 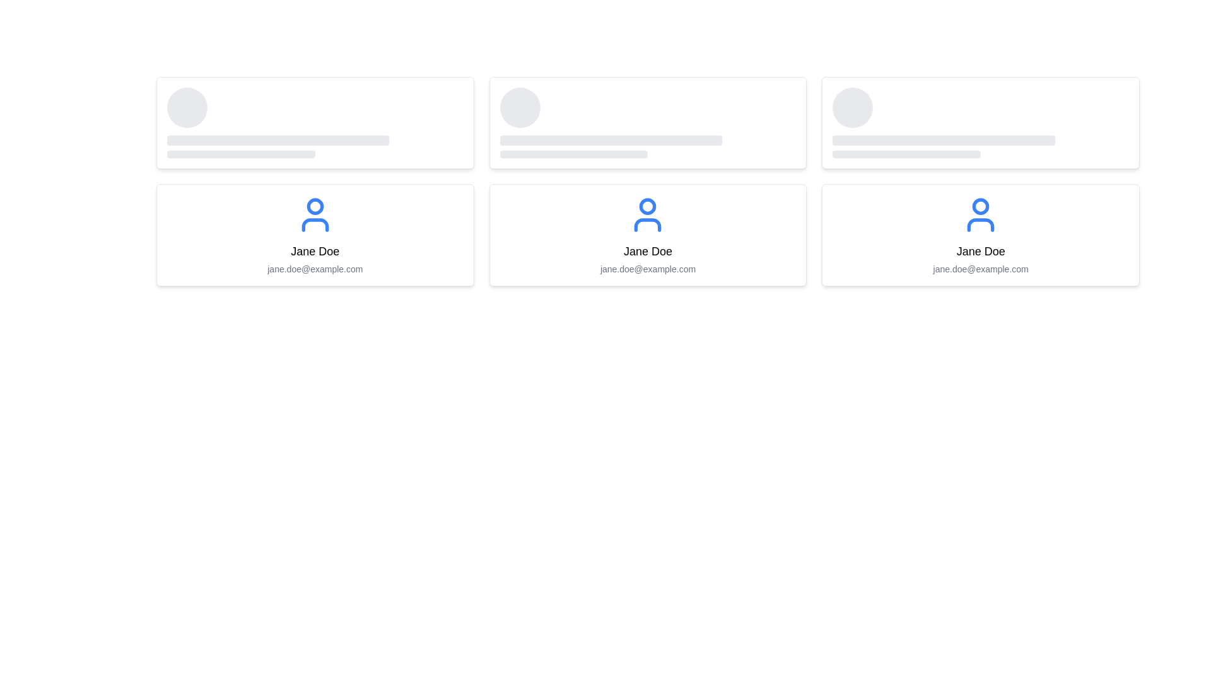 What do you see at coordinates (315, 269) in the screenshot?
I see `email address displayed as plain text in gray color, located beneath the name 'Jane Doe' in a card layout` at bounding box center [315, 269].